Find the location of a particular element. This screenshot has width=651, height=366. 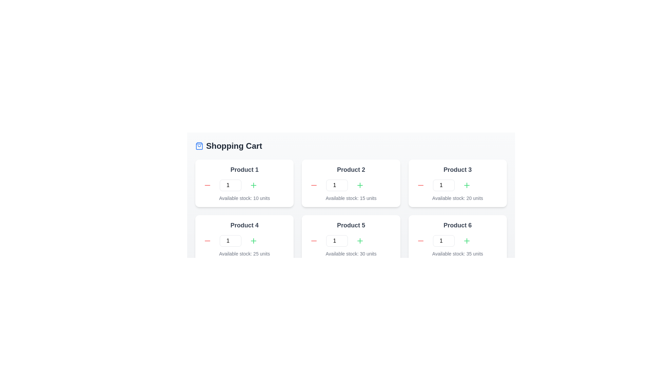

the increment button located in the bottom-right corner of the card labeled 'Product 6' is located at coordinates (466, 240).